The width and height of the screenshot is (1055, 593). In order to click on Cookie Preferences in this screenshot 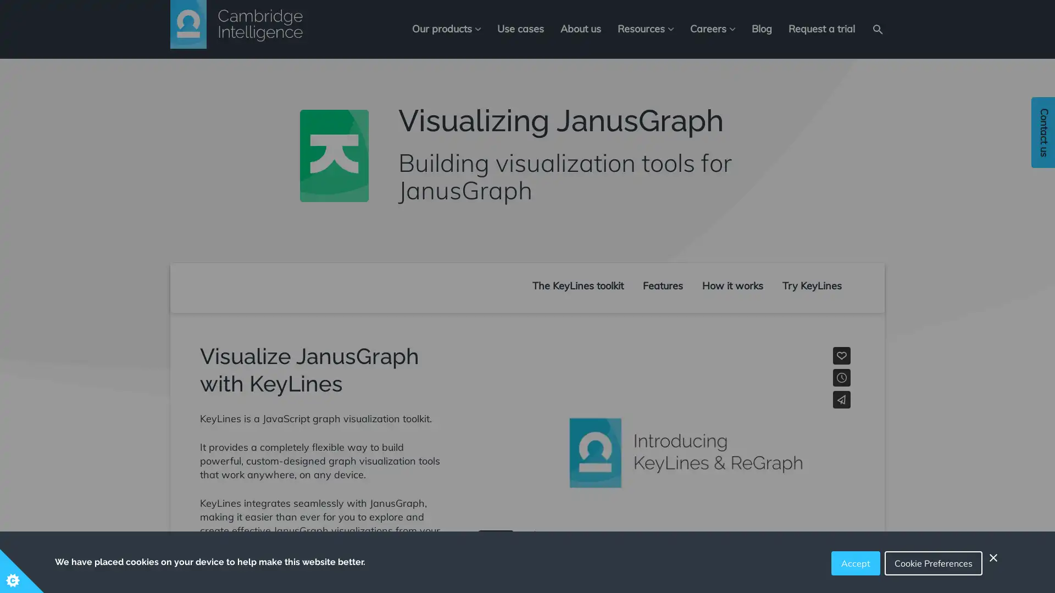, I will do `click(933, 563)`.